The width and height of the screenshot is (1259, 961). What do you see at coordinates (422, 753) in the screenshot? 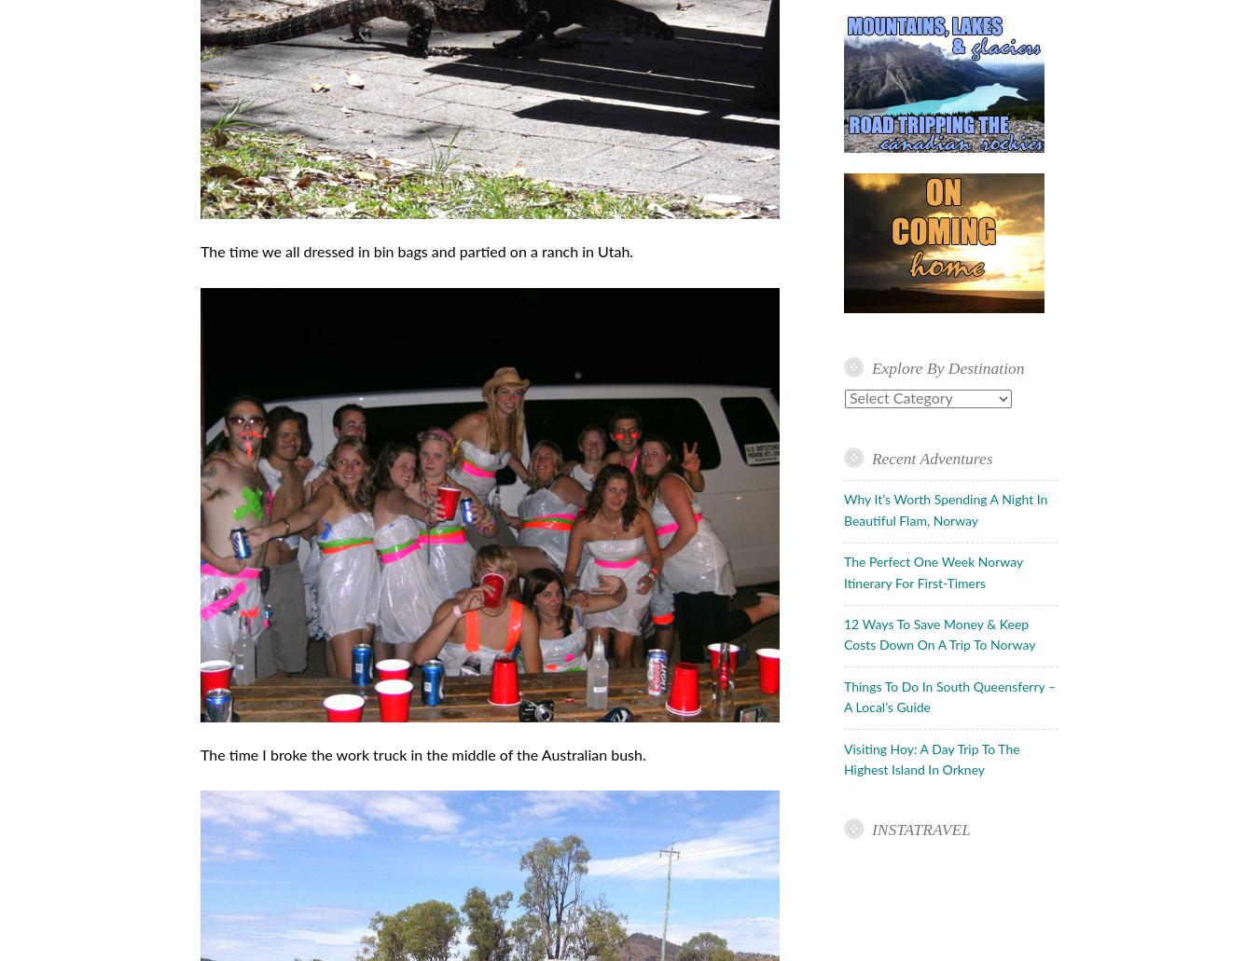
I see `'The time I broke the work truck in the middle of the Australian bush.'` at bounding box center [422, 753].